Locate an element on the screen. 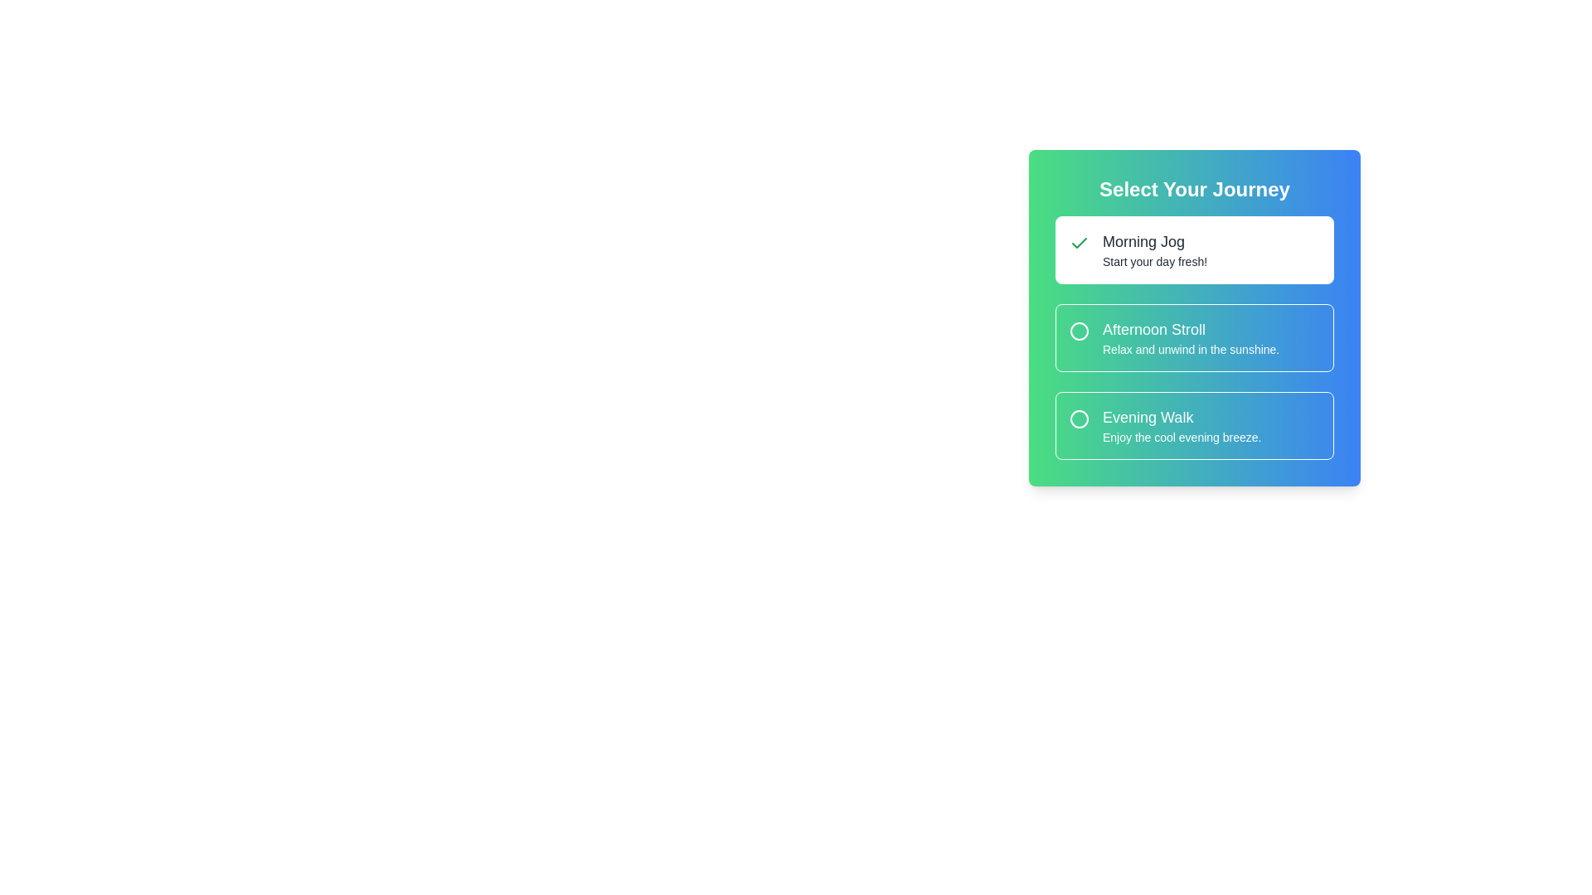 This screenshot has width=1592, height=895. the text element displaying 'Relax and unwind in the sunshine.' which is styled for subheadings and located beneath the title 'Afternoon Stroll.' is located at coordinates (1190, 348).